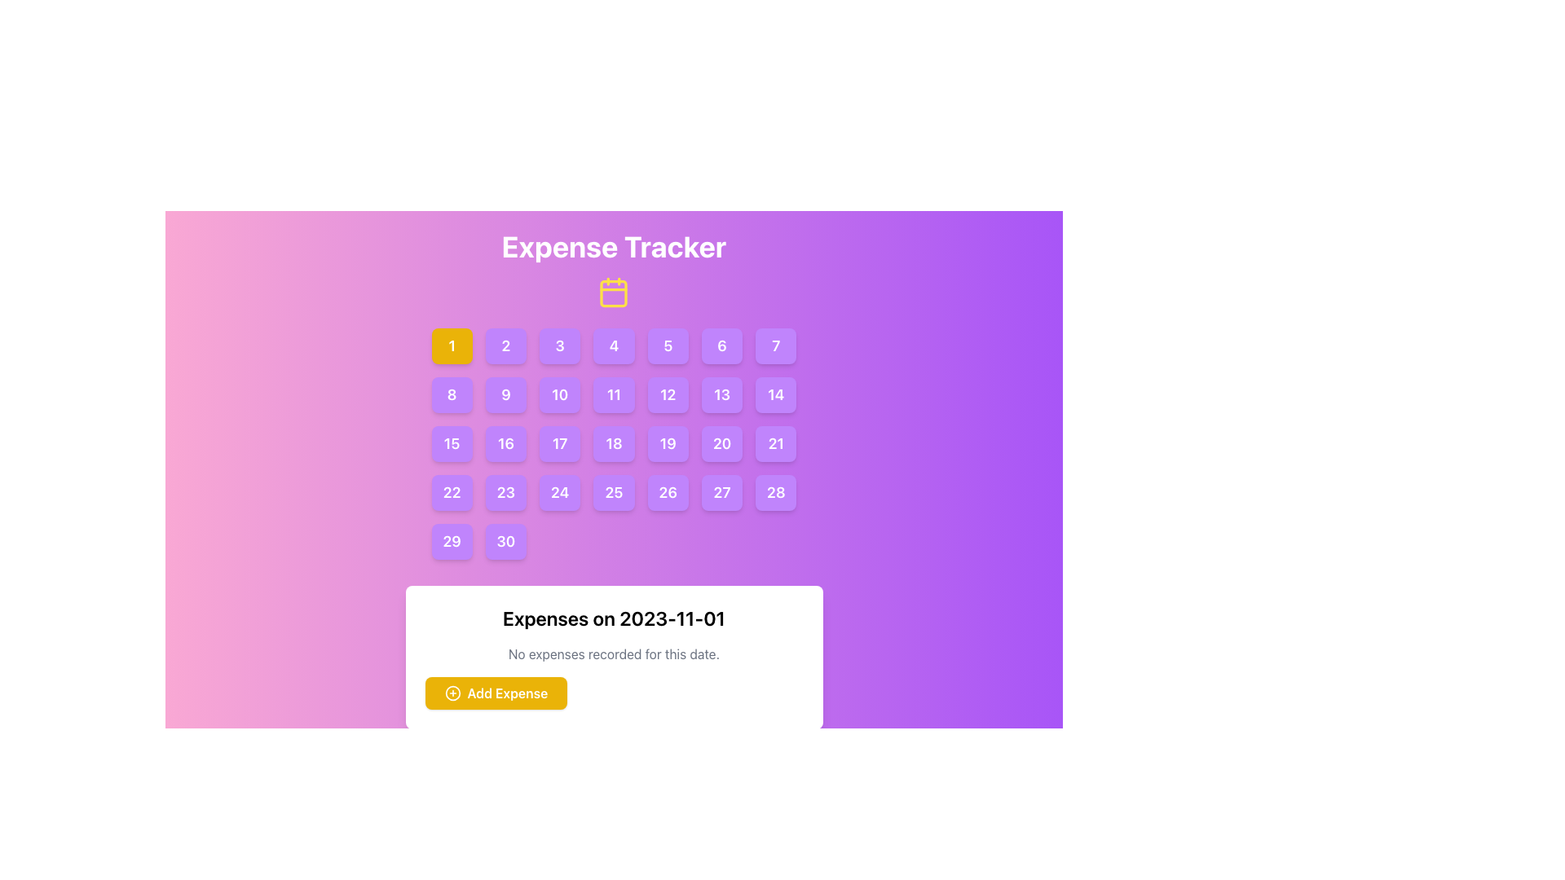  Describe the element at coordinates (505, 345) in the screenshot. I see `the selectable button corresponding to the second day of the month in the calendar interface under 'Expense Tracker' to observe its hover effect` at that location.